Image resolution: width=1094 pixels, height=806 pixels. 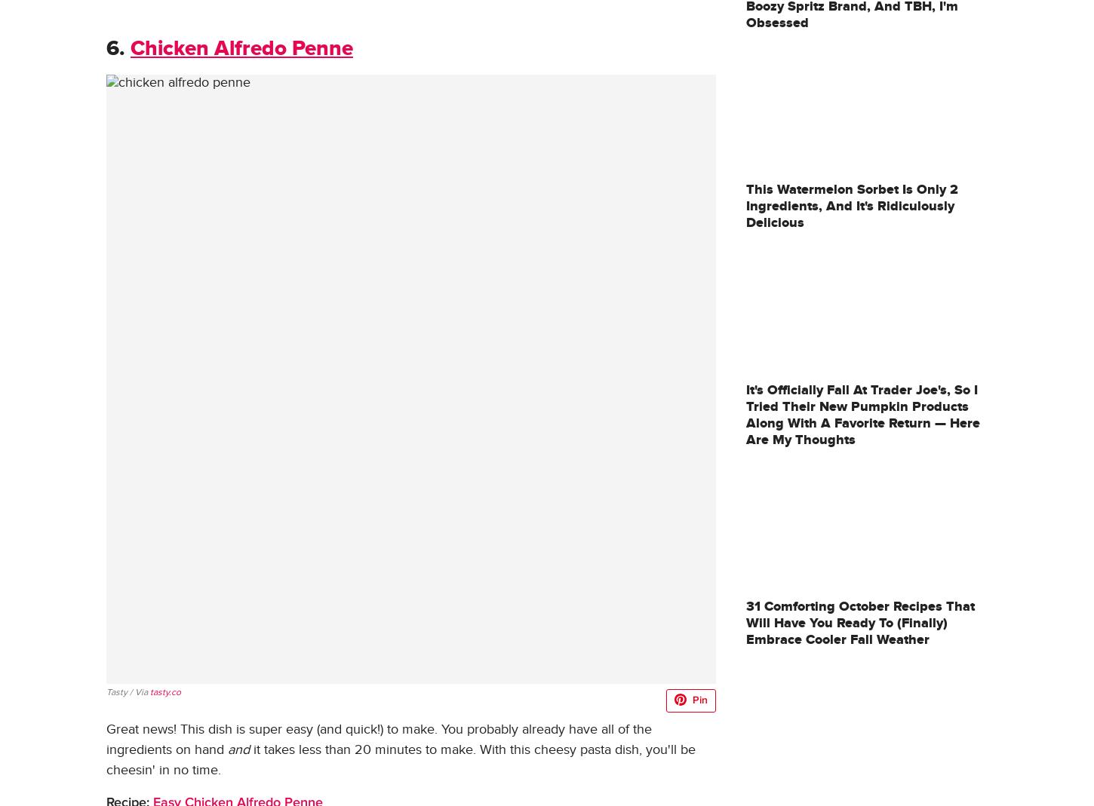 What do you see at coordinates (851, 205) in the screenshot?
I see `'This Watermelon Sorbet Is Only 2 Ingredients, And It's Ridiculously Delicious'` at bounding box center [851, 205].